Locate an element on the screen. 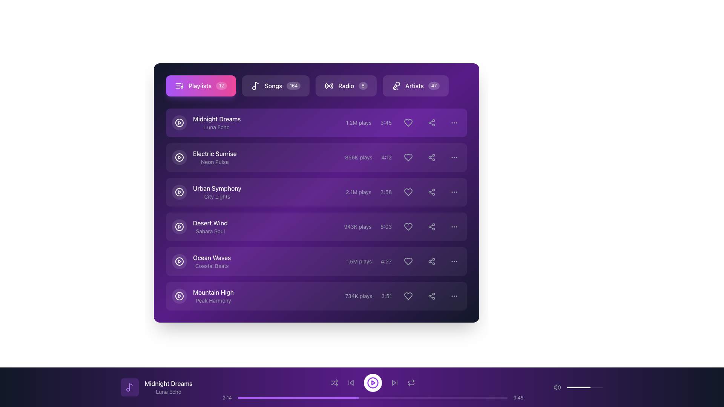 The image size is (724, 407). progress is located at coordinates (302, 398).